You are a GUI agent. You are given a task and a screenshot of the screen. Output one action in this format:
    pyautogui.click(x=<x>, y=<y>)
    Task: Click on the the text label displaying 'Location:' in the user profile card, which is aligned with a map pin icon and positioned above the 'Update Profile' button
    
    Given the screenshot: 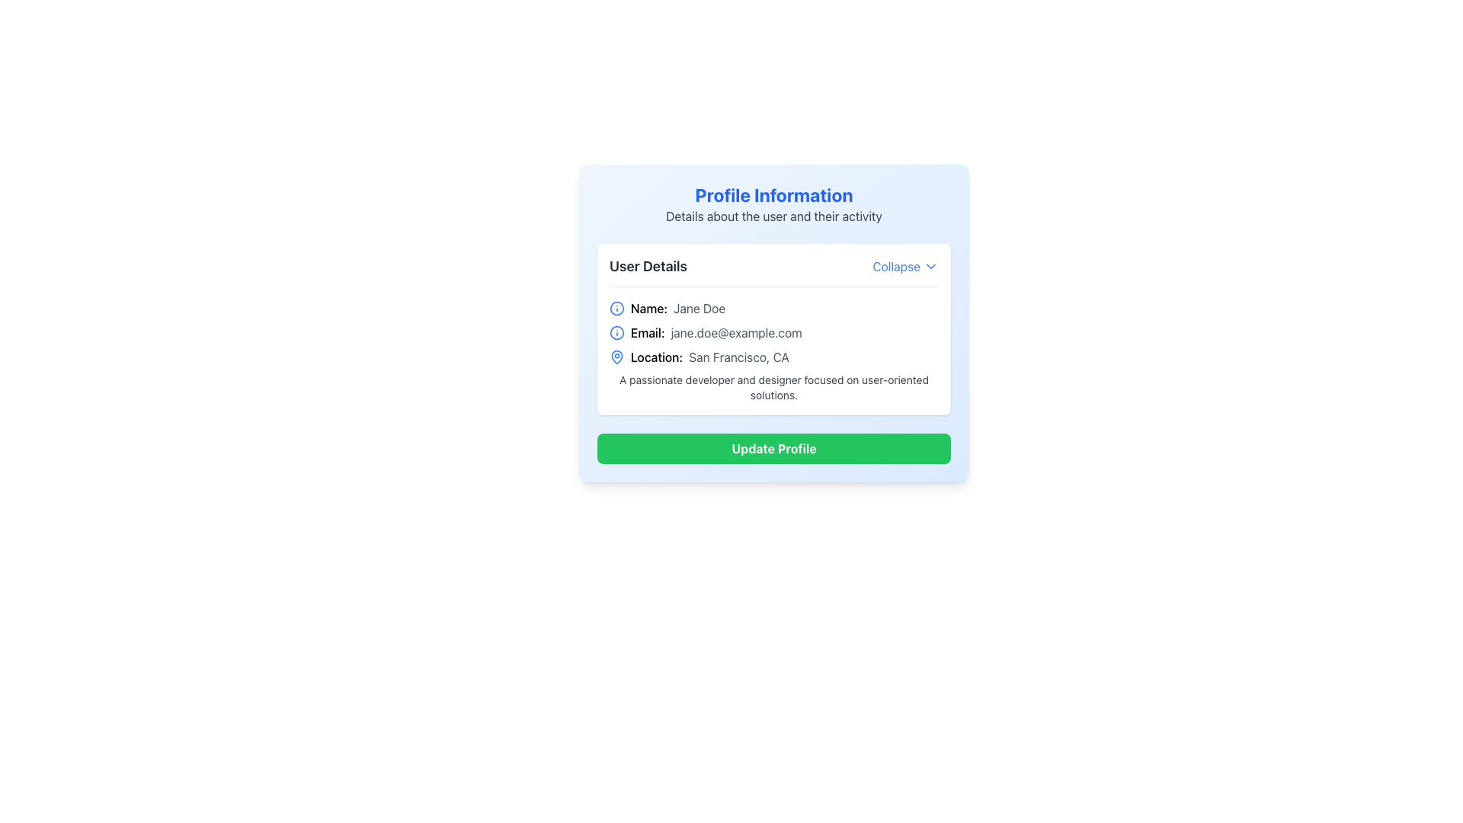 What is the action you would take?
    pyautogui.click(x=657, y=357)
    